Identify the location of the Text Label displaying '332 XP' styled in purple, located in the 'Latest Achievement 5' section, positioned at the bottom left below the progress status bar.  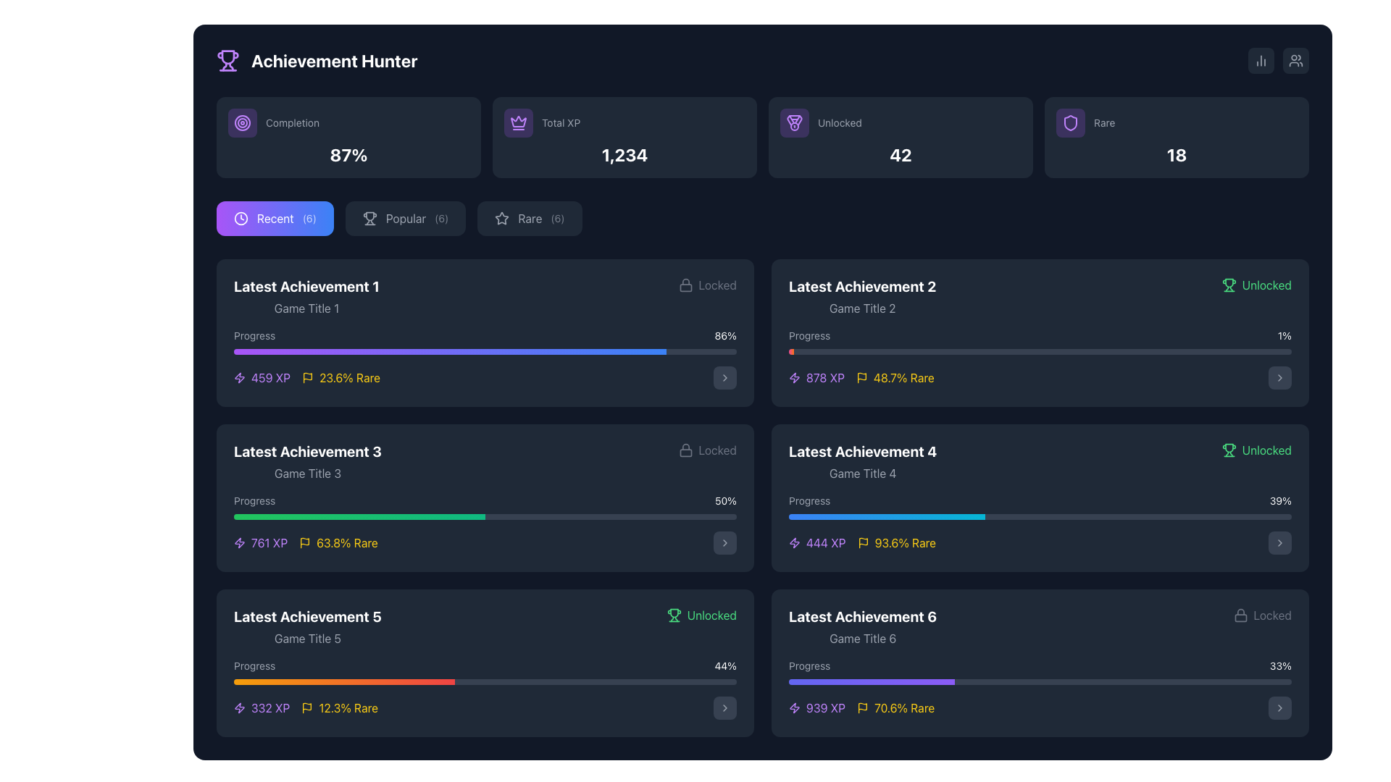
(270, 707).